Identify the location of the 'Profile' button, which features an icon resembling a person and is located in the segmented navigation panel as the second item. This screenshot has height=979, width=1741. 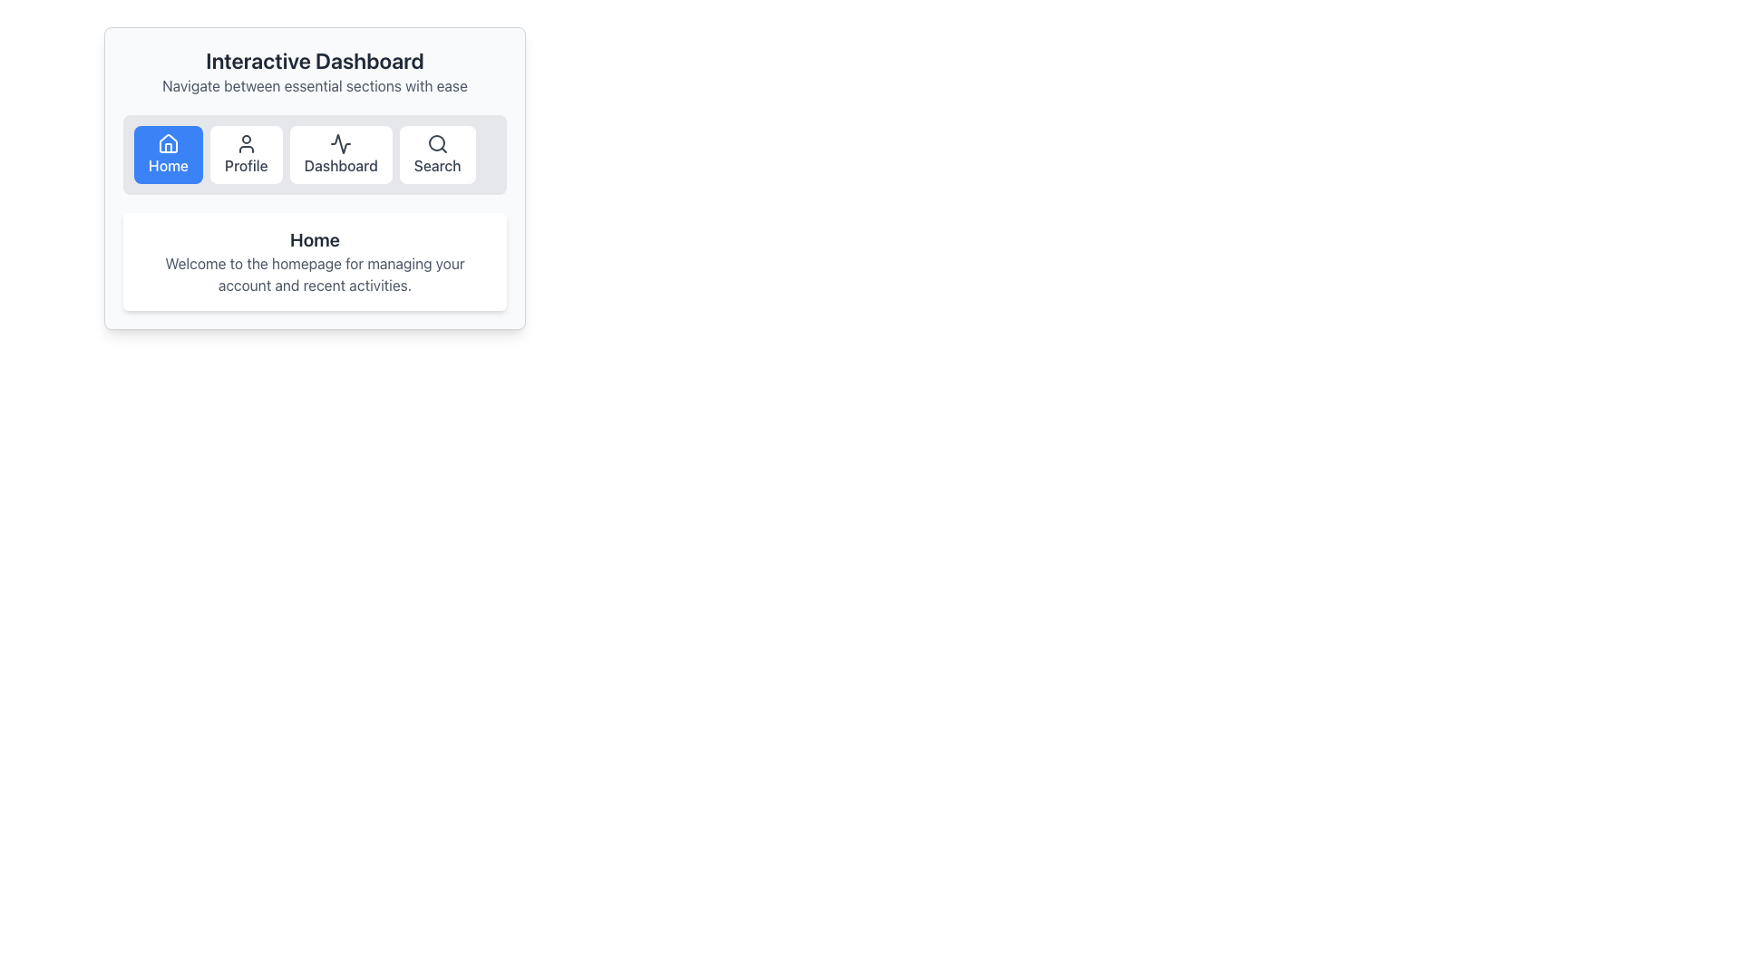
(245, 153).